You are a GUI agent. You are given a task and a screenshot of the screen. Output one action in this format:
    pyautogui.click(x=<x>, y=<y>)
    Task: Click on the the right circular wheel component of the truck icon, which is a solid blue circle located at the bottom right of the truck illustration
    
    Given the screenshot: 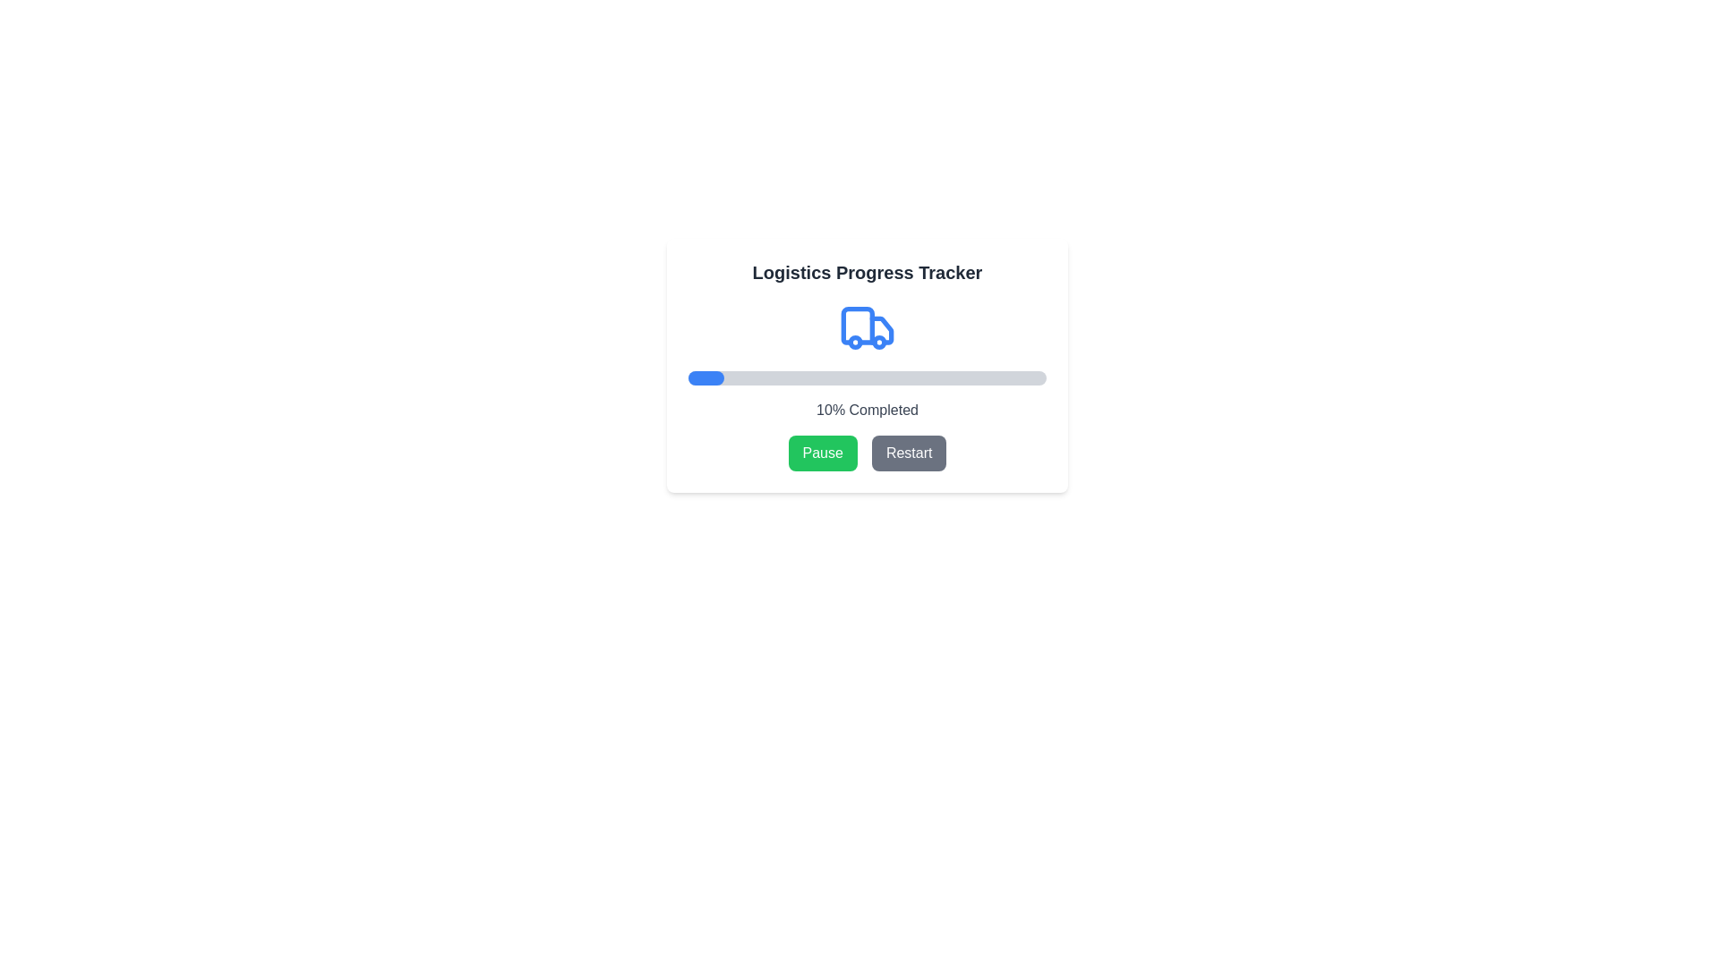 What is the action you would take?
    pyautogui.click(x=879, y=342)
    